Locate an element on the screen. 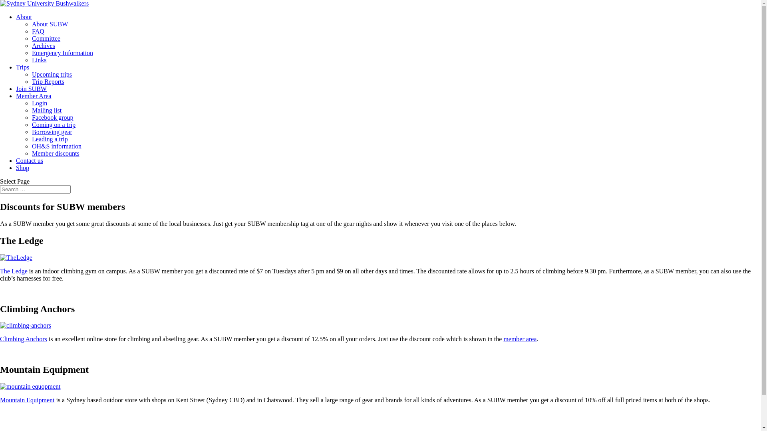 This screenshot has width=767, height=431. 'About' is located at coordinates (16, 17).